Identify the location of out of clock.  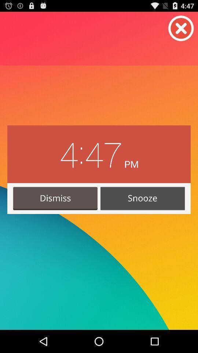
(181, 28).